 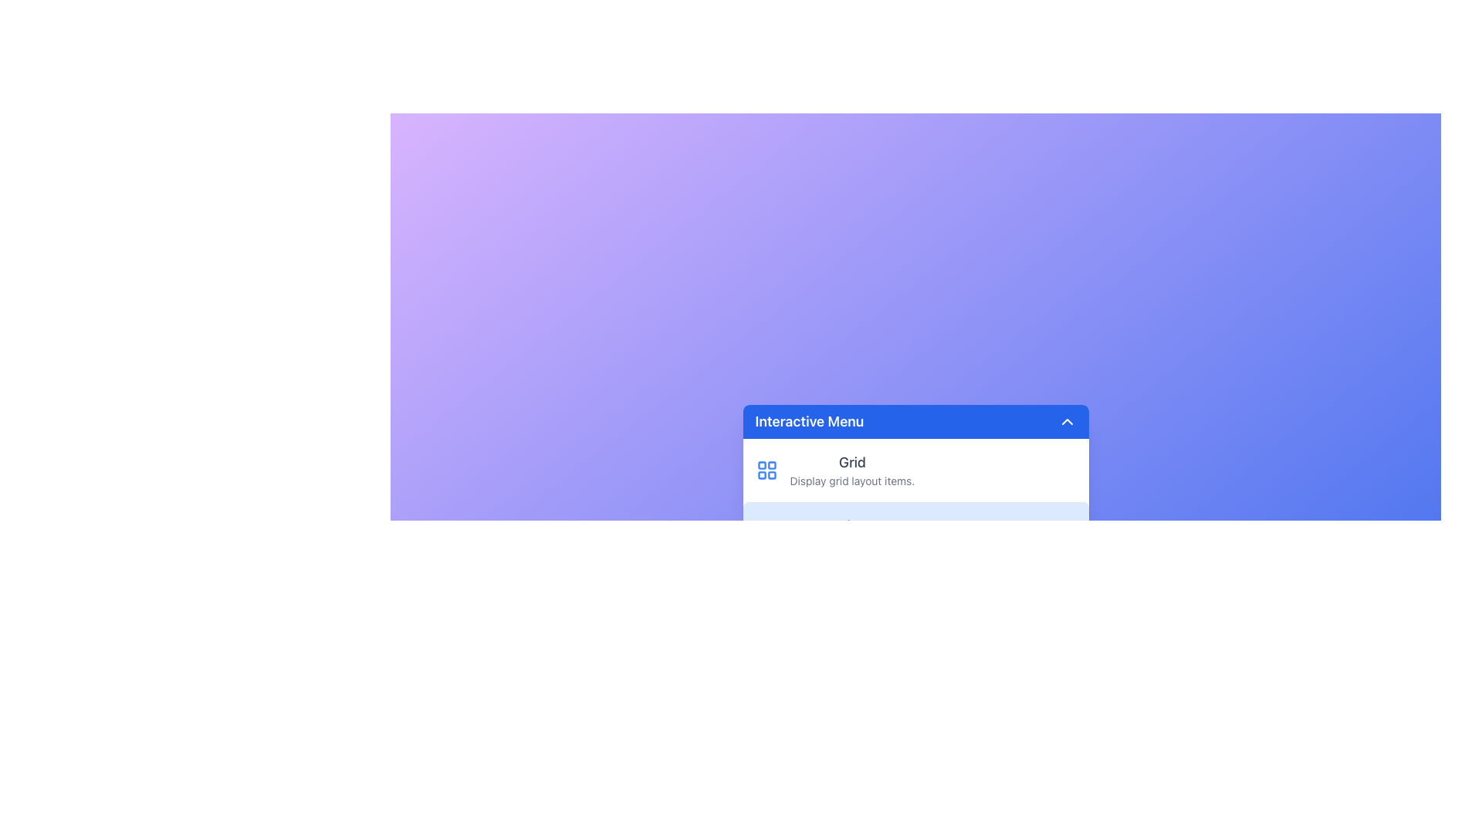 What do you see at coordinates (766, 469) in the screenshot?
I see `the blue grid-like icon consisting of four small squares arranged in a 2x2 pattern` at bounding box center [766, 469].